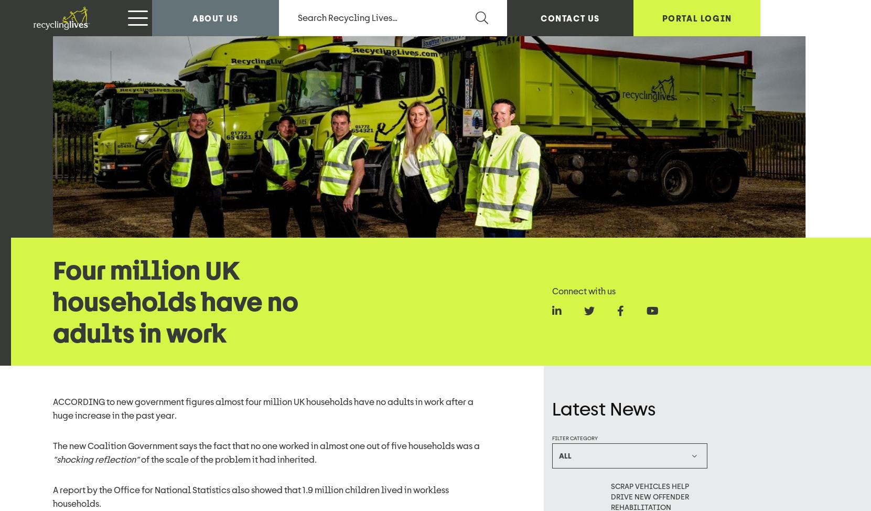 The height and width of the screenshot is (511, 871). Describe the element at coordinates (52, 100) in the screenshot. I see `'The North East has the highest percentage of workless households at one in four, followed by inner London and Wales at 22.9%. The South East has the lowest number of homes where no-one works at 14.2%.'` at that location.